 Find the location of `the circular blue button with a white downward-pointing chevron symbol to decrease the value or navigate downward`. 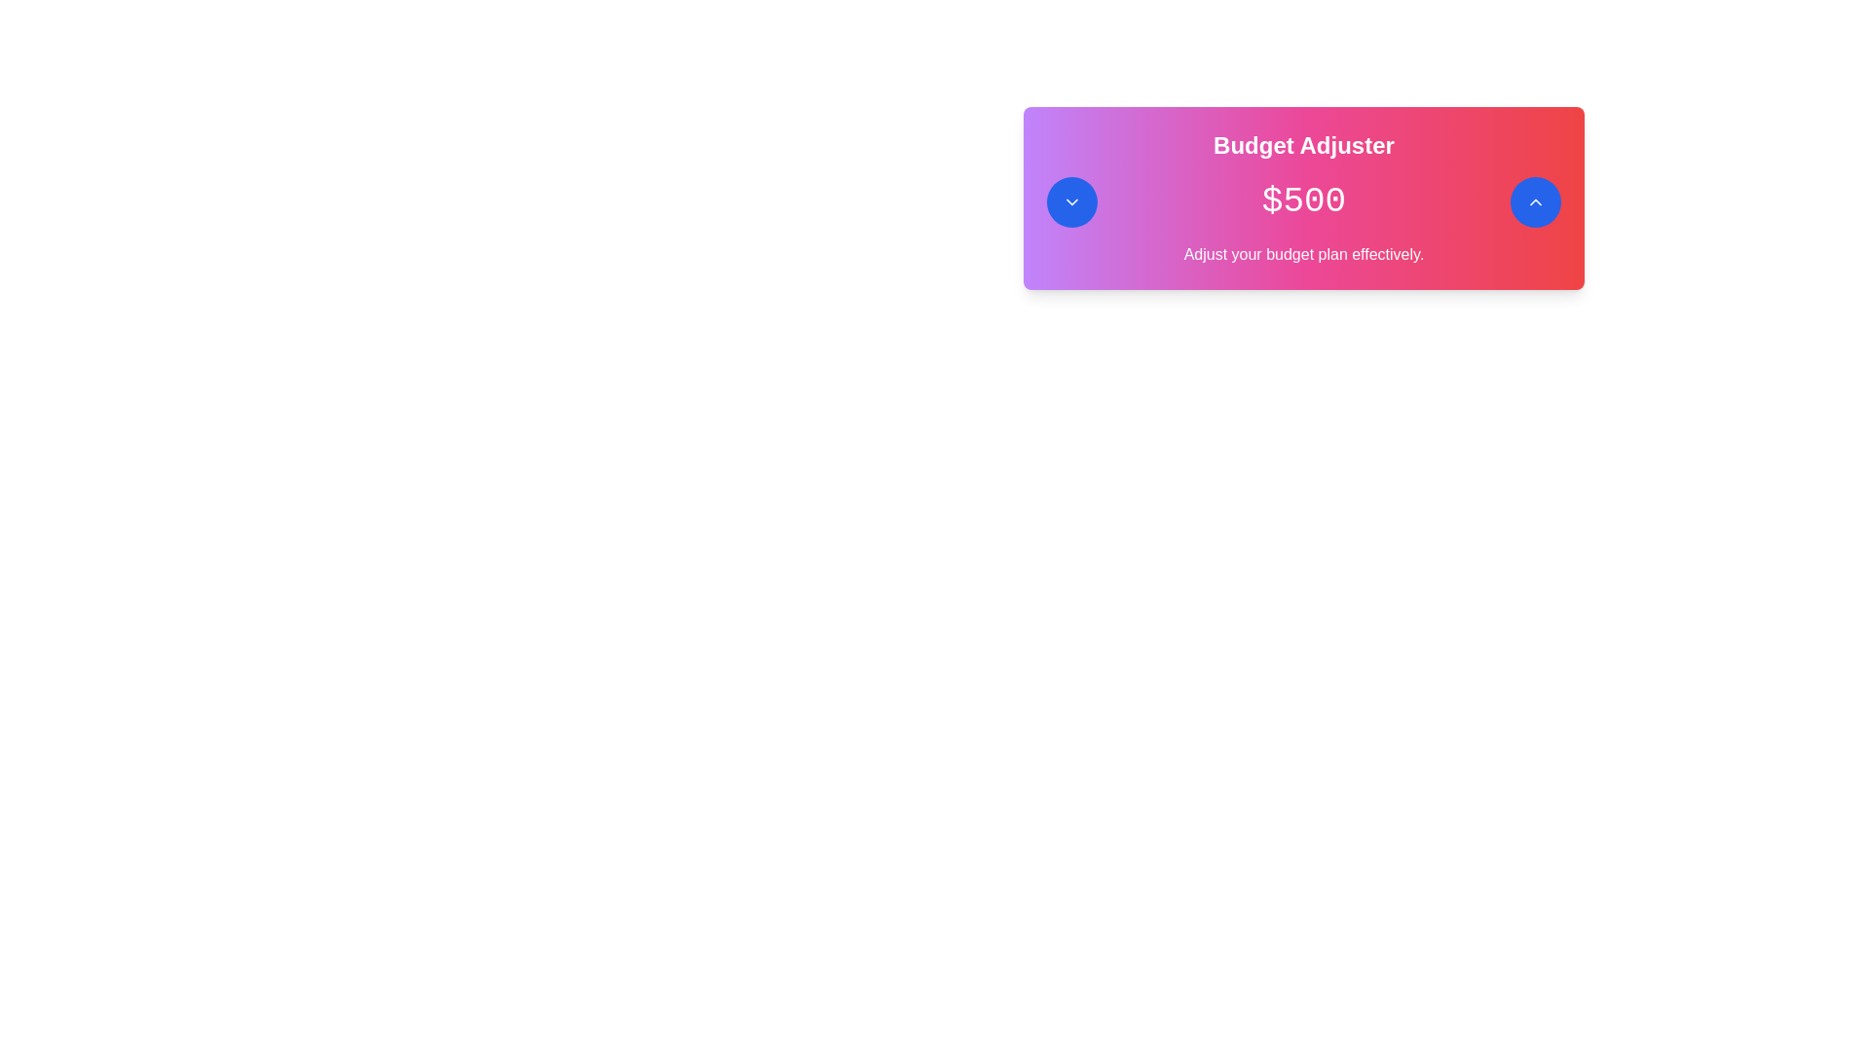

the circular blue button with a white downward-pointing chevron symbol to decrease the value or navigate downward is located at coordinates (1070, 202).